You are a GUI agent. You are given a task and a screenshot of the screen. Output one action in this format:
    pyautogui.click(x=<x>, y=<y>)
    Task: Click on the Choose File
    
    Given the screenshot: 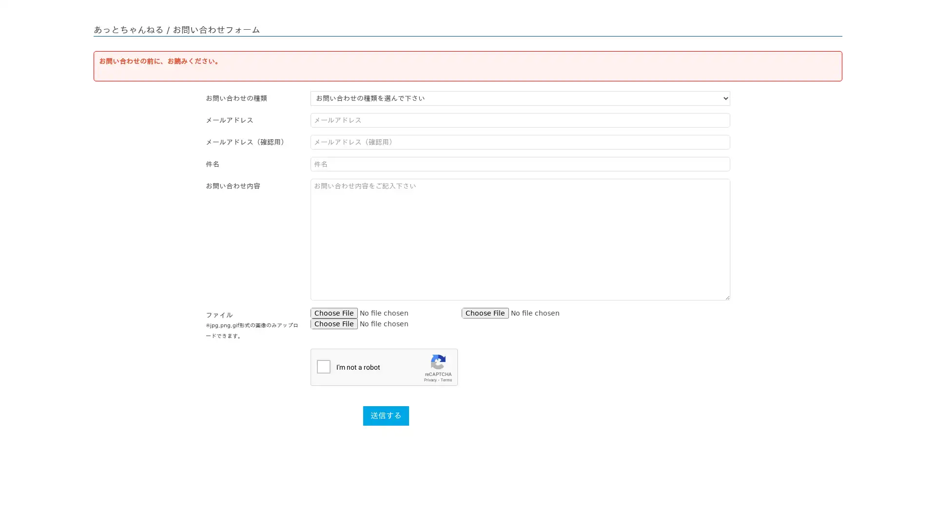 What is the action you would take?
    pyautogui.click(x=485, y=313)
    